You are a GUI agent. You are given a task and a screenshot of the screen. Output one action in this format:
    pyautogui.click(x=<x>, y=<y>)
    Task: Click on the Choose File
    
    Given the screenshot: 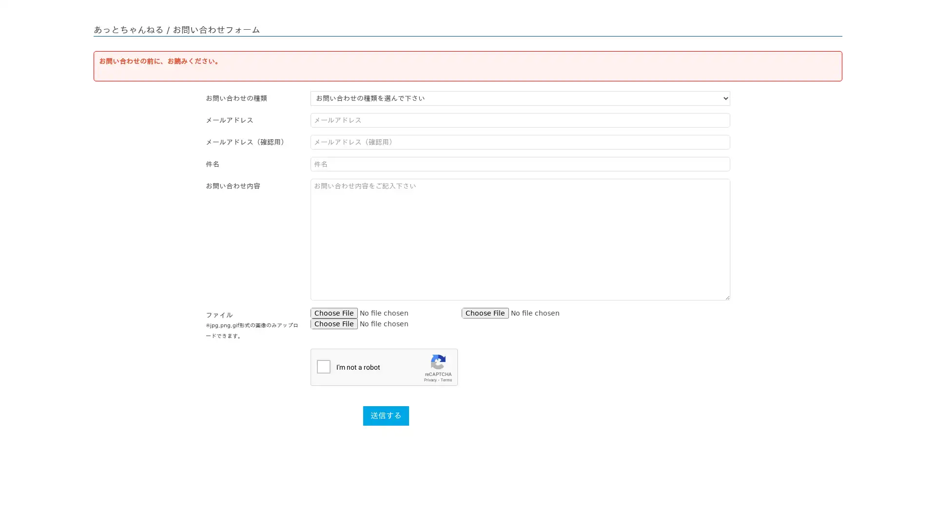 What is the action you would take?
    pyautogui.click(x=485, y=313)
    